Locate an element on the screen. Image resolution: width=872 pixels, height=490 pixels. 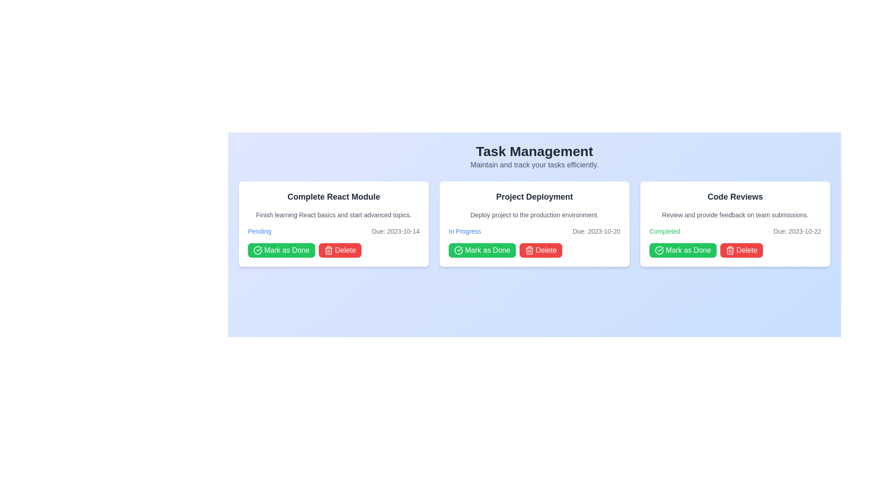
the leftmost trash can icon with a red background in the delete button of the 'Project Deployment' task card is located at coordinates (529, 250).